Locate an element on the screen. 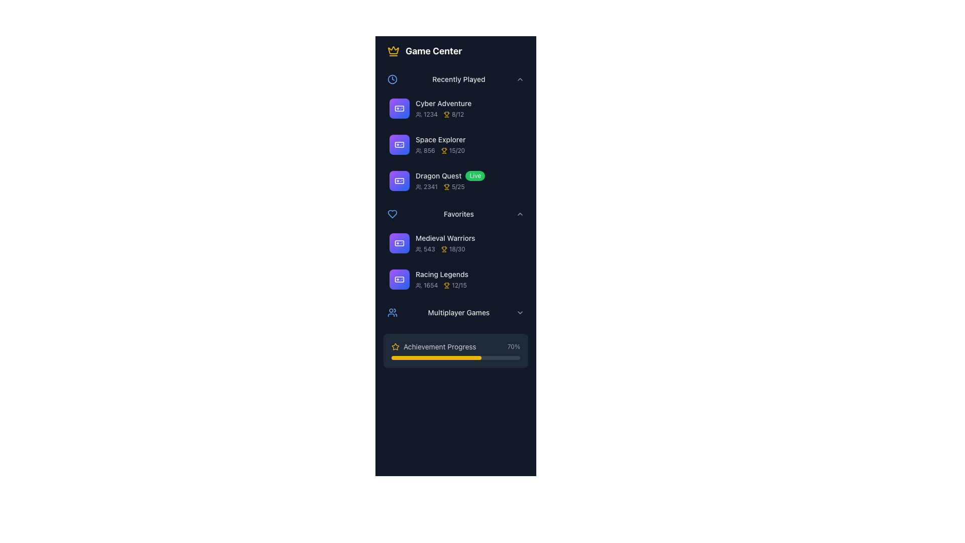 The width and height of the screenshot is (965, 543). the static text displaying the number '856' in light gray font, which indicates the player count for 'Space Explorer' and is located in the 'Recently Played' section next to a user group icon is located at coordinates (429, 151).